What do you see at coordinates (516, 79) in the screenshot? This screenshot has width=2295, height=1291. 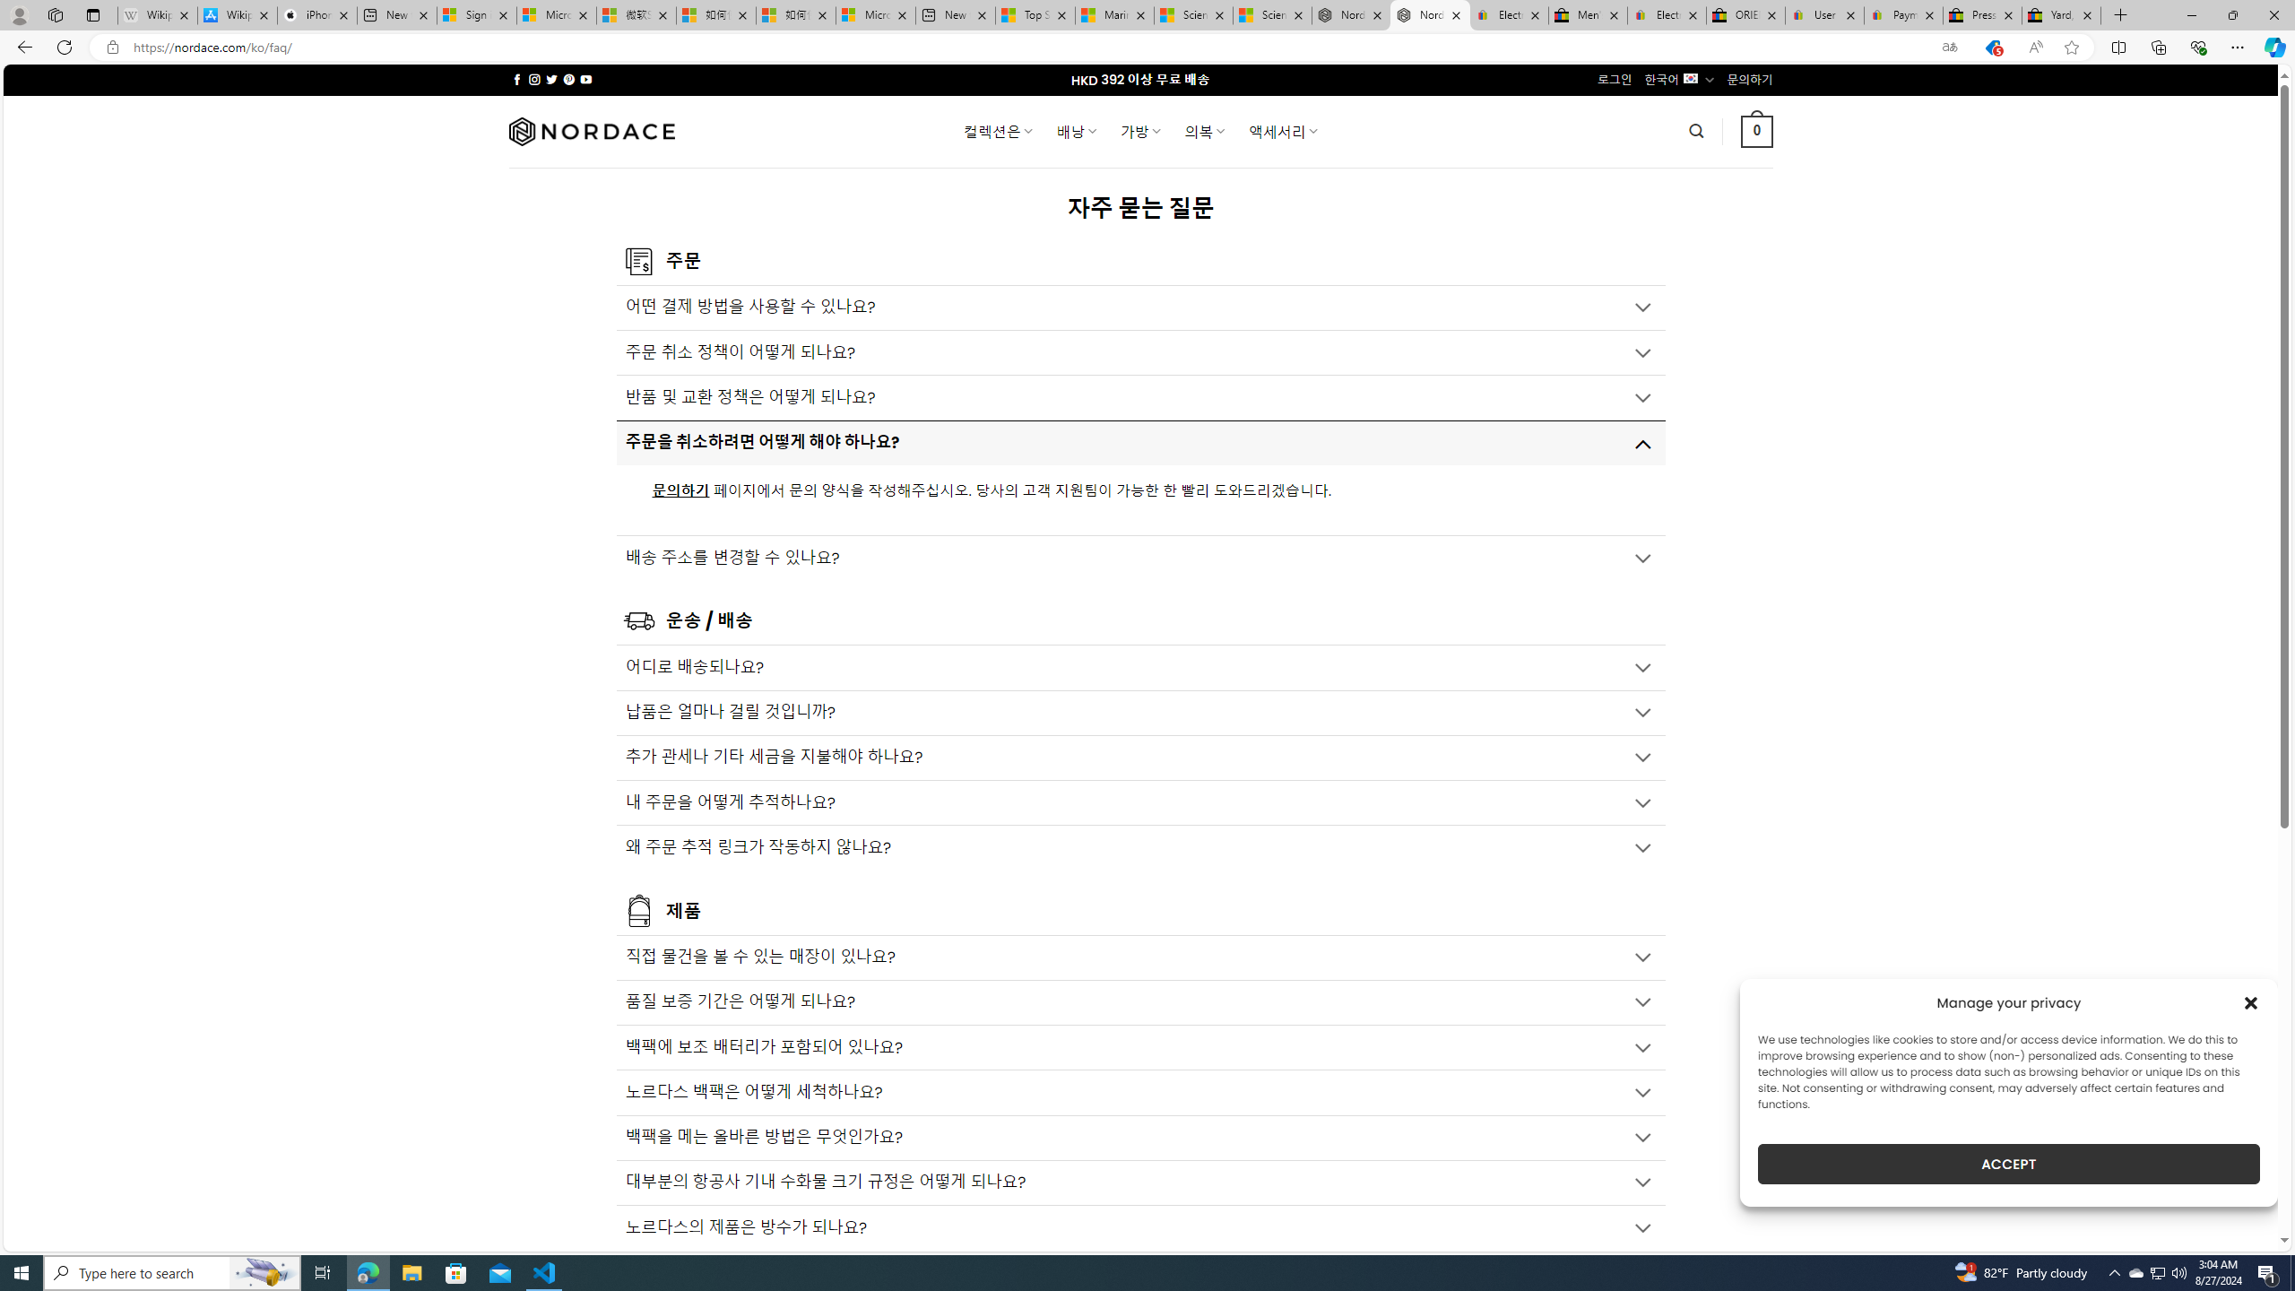 I see `'Follow on Facebook'` at bounding box center [516, 79].